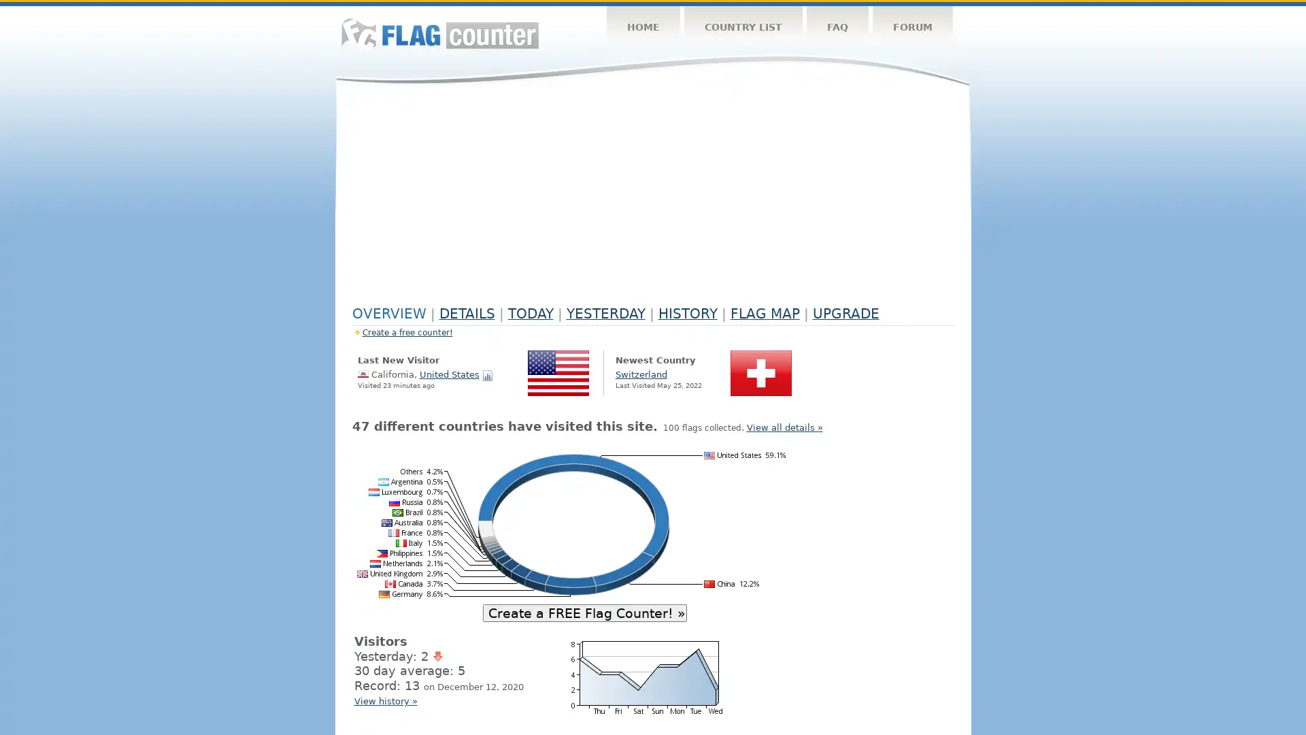  What do you see at coordinates (584, 611) in the screenshot?
I see `Create a FREE Flag Counter!` at bounding box center [584, 611].